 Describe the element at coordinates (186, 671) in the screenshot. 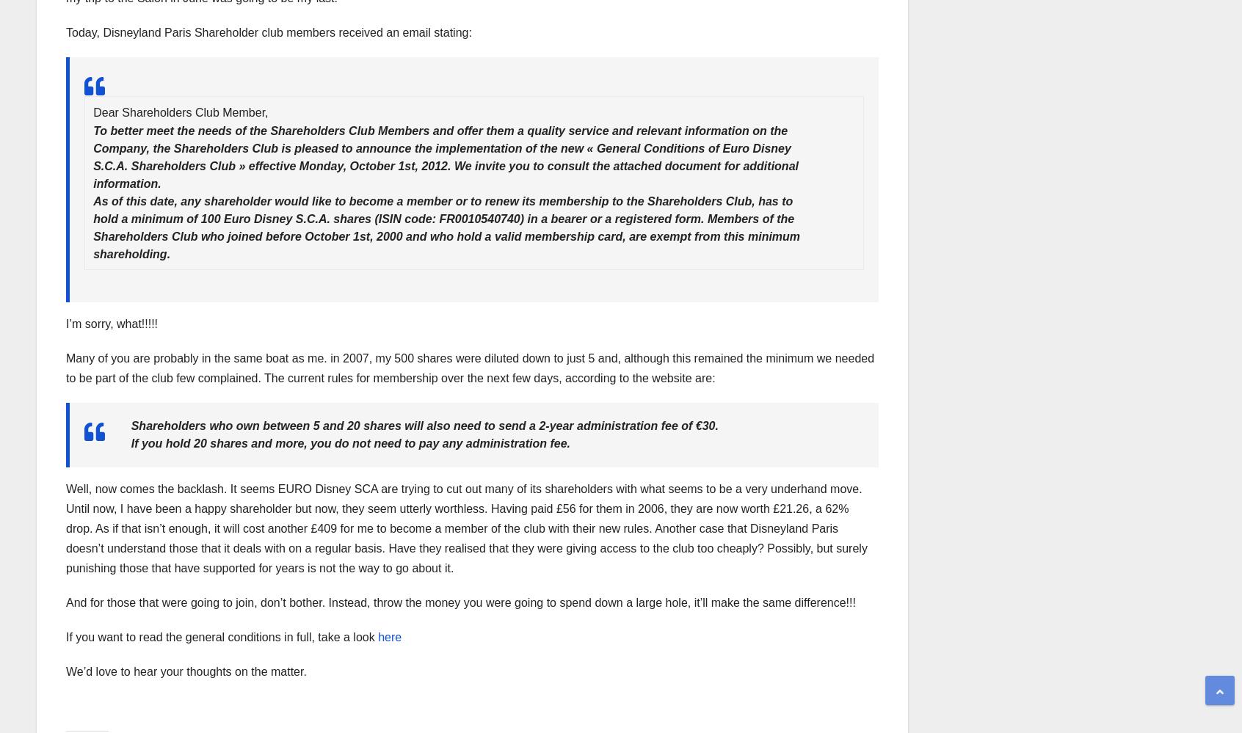

I see `'We’d love to hear your thoughts on the matter.'` at that location.